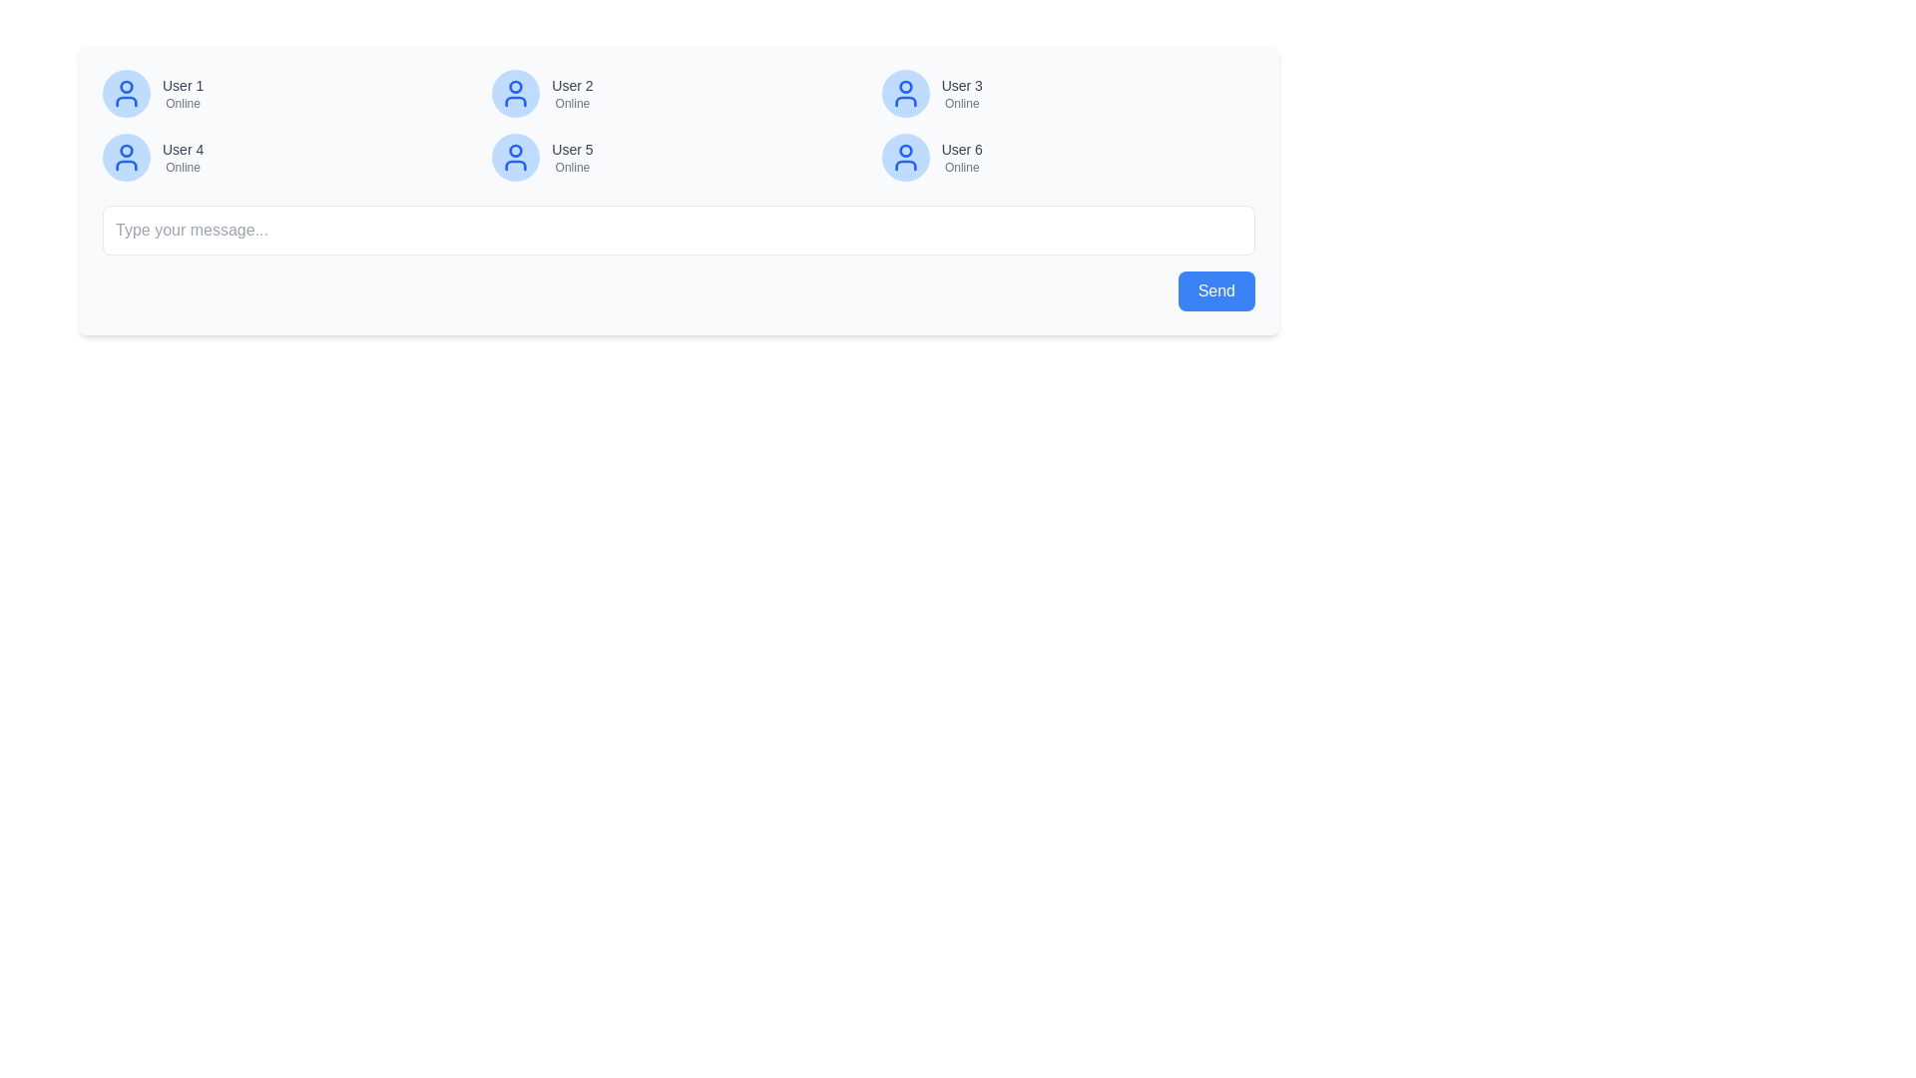  Describe the element at coordinates (516, 93) in the screenshot. I see `the blue circular user profile icon featuring a person silhouette, located in the second position of the top row in a grid of user elements` at that location.